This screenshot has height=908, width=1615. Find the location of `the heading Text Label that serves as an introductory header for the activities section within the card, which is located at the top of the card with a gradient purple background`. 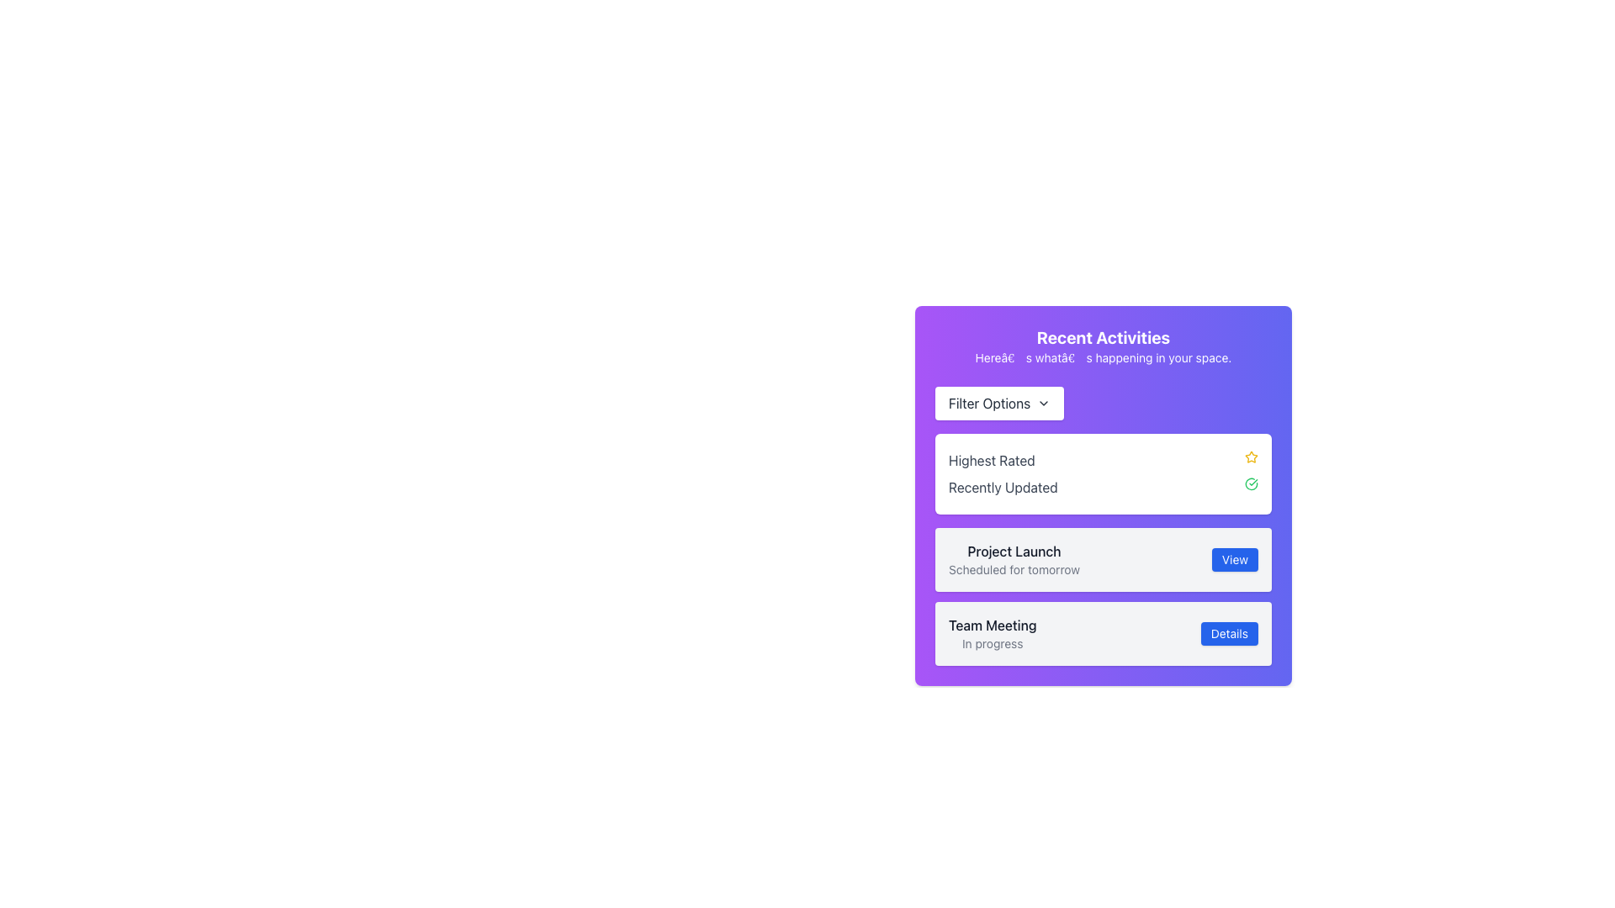

the heading Text Label that serves as an introductory header for the activities section within the card, which is located at the top of the card with a gradient purple background is located at coordinates (1103, 346).